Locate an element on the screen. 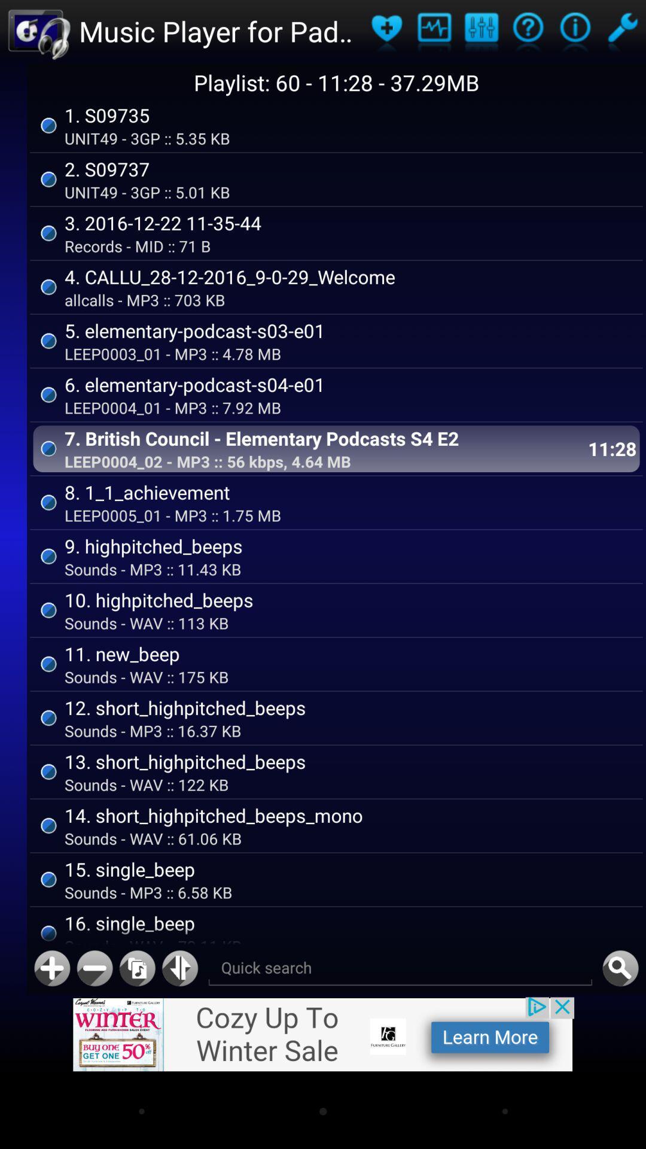 This screenshot has width=646, height=1149. quickly search for a song from the playlist is located at coordinates (620, 968).